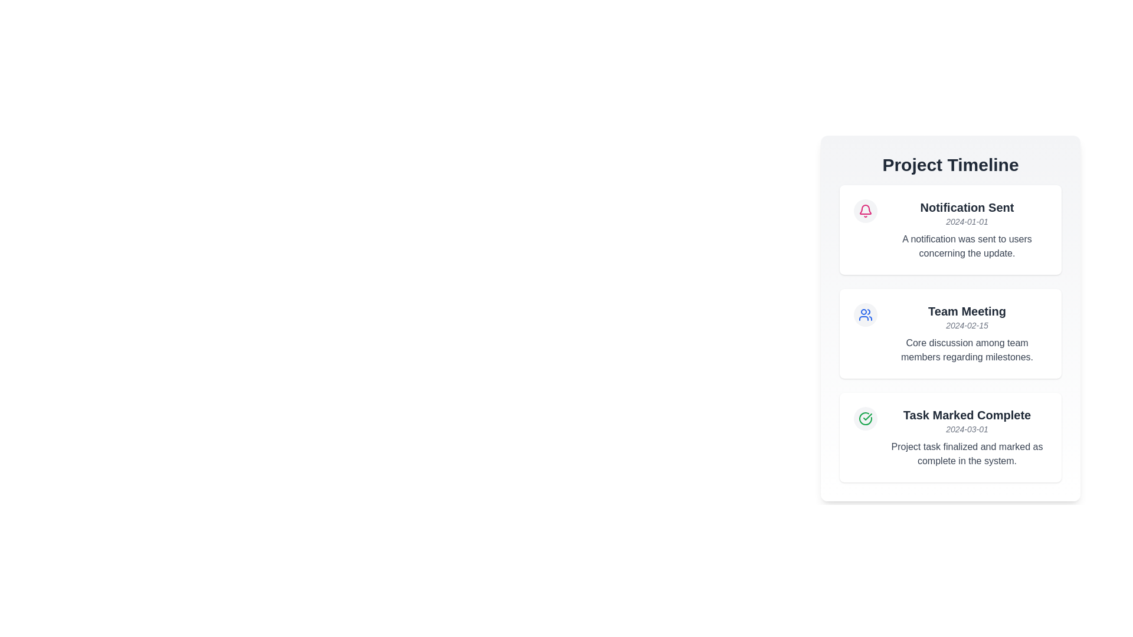  Describe the element at coordinates (967, 437) in the screenshot. I see `the text block that provides information about the completion of a project task` at that location.